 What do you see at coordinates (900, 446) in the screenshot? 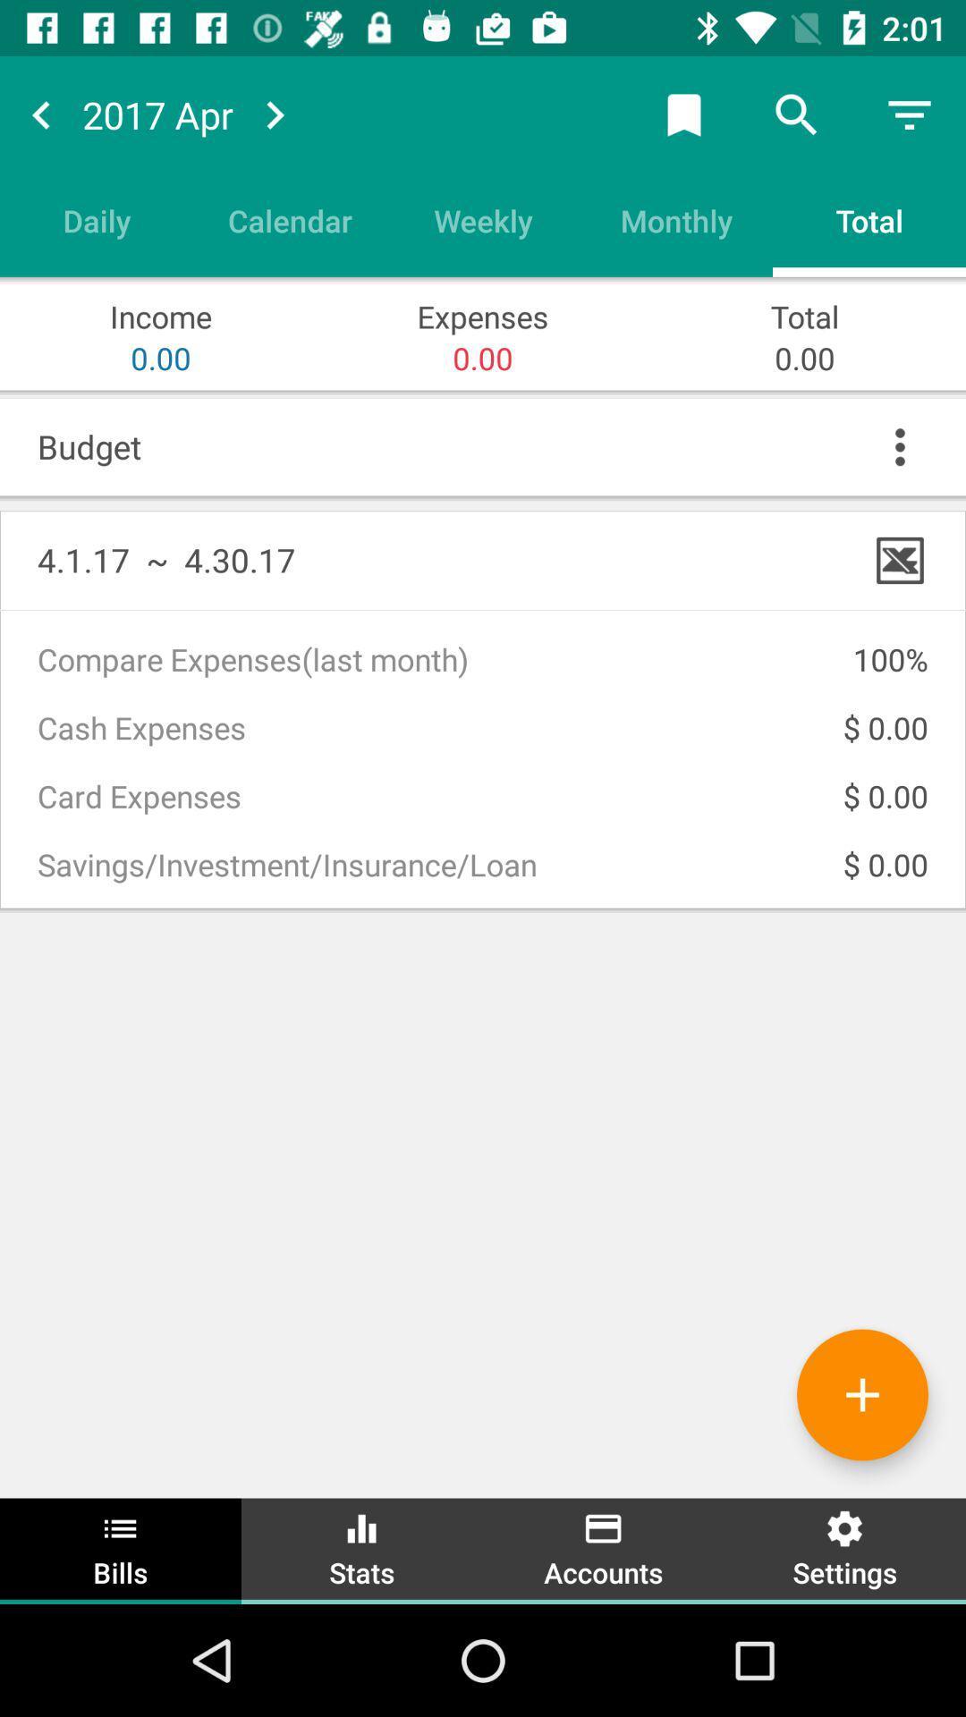
I see `the more icon` at bounding box center [900, 446].